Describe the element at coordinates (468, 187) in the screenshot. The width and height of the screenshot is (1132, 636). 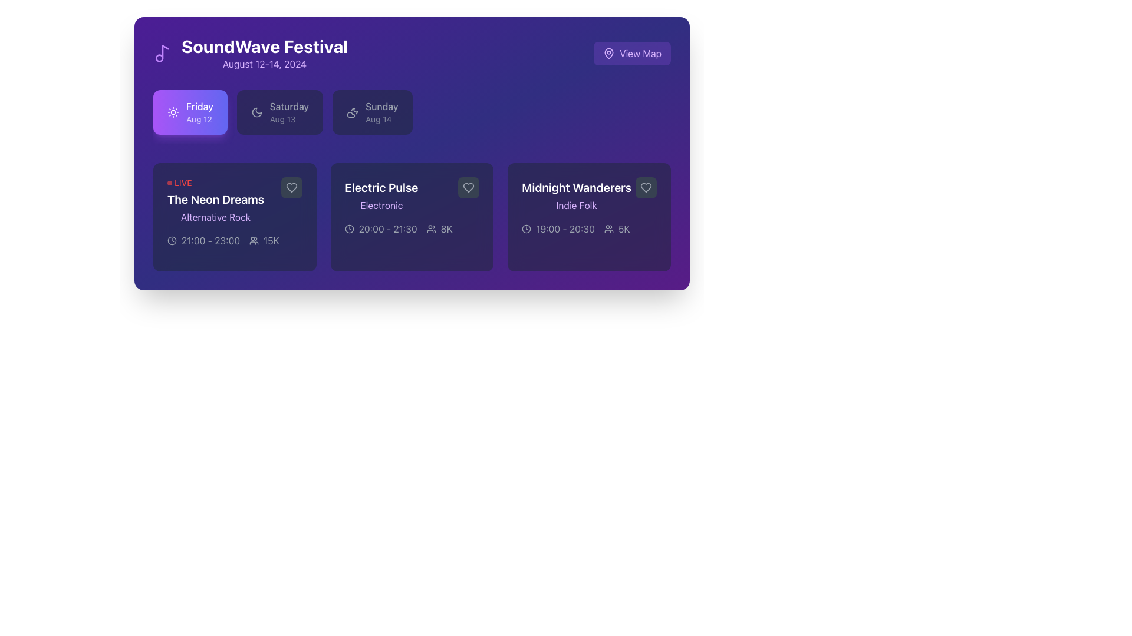
I see `the heart icon located at the top-right corner of the 'Electric Pulse' event card` at that location.